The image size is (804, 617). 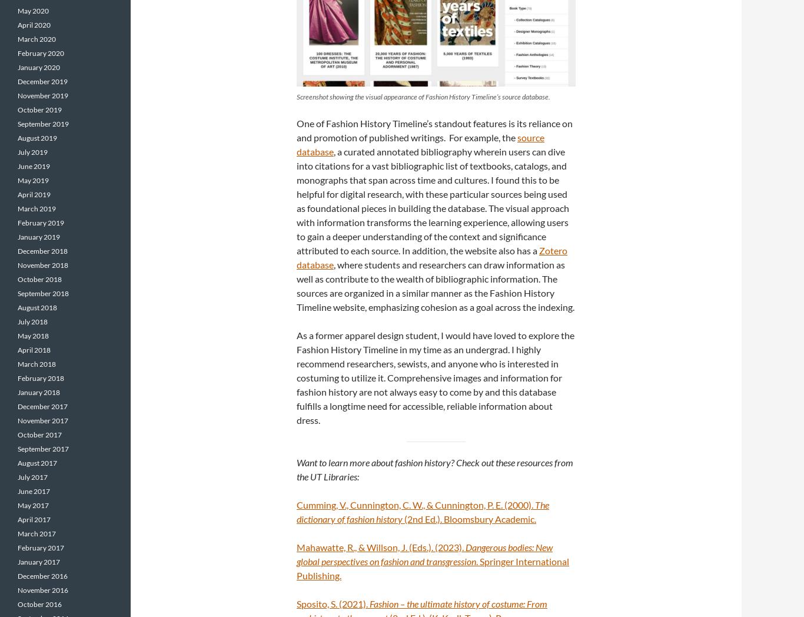 What do you see at coordinates (431, 257) in the screenshot?
I see `'Zotero database'` at bounding box center [431, 257].